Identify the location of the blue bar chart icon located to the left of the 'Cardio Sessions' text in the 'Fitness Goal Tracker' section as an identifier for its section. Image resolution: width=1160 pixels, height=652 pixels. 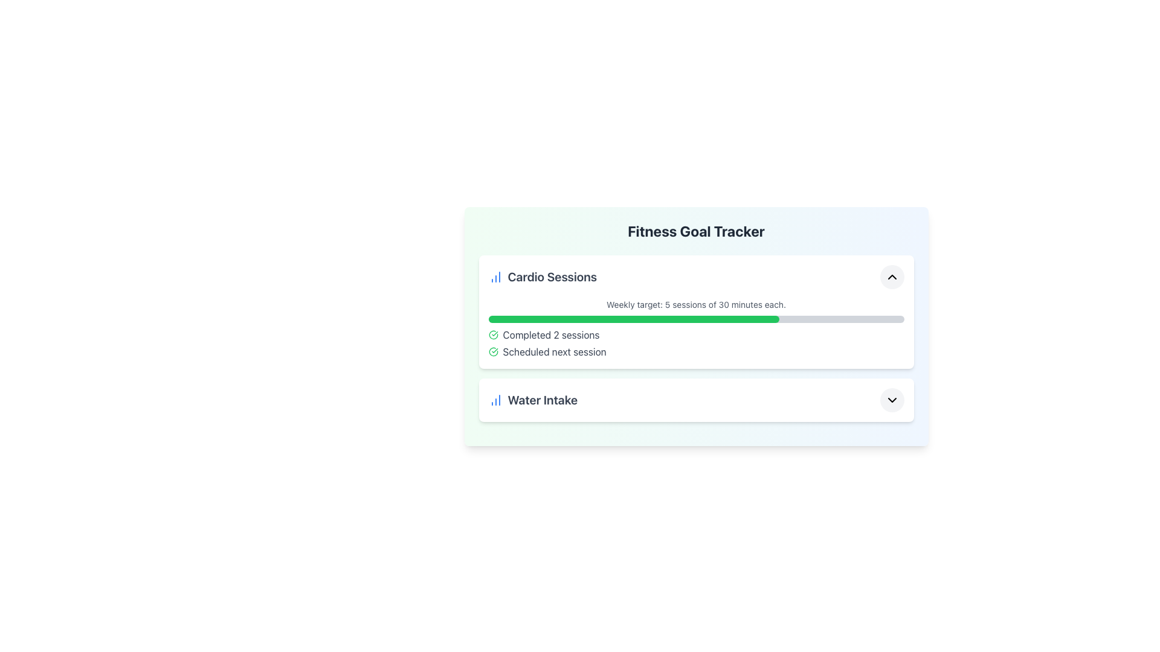
(495, 277).